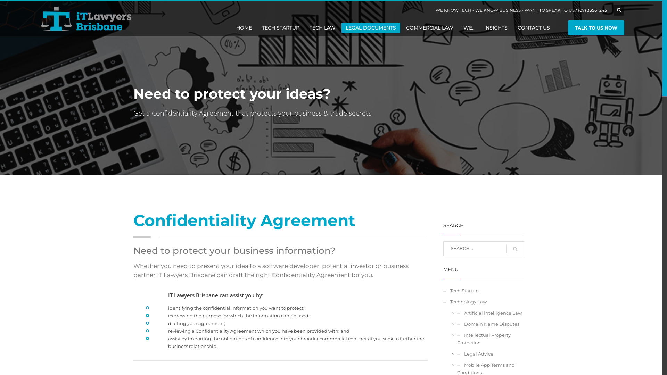 The height and width of the screenshot is (375, 667). What do you see at coordinates (429, 27) in the screenshot?
I see `'COMMERCIAL LAW'` at bounding box center [429, 27].